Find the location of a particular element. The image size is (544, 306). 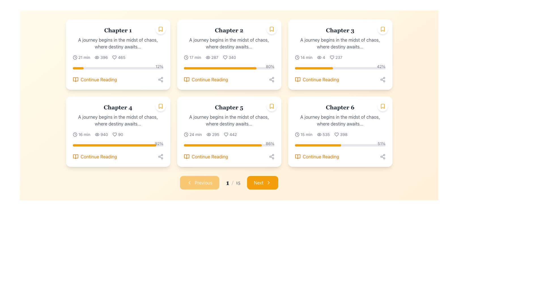

the icon located in the 5th card of the grid layout, positioned to the left of the 'Continue Reading' text is located at coordinates (186, 156).